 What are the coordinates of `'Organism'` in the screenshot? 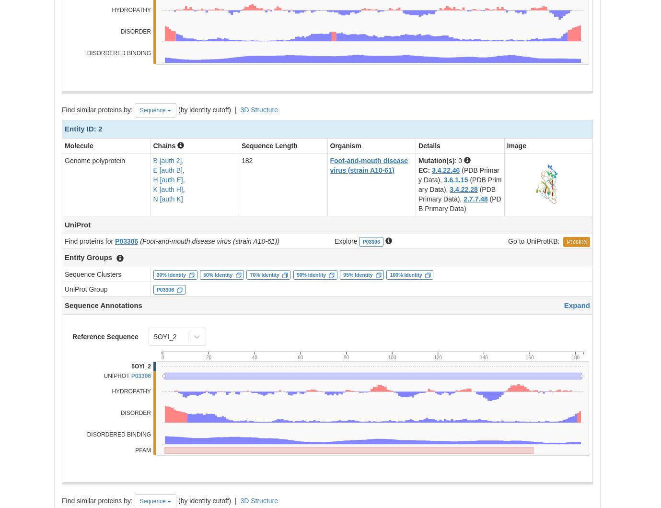 It's located at (345, 145).